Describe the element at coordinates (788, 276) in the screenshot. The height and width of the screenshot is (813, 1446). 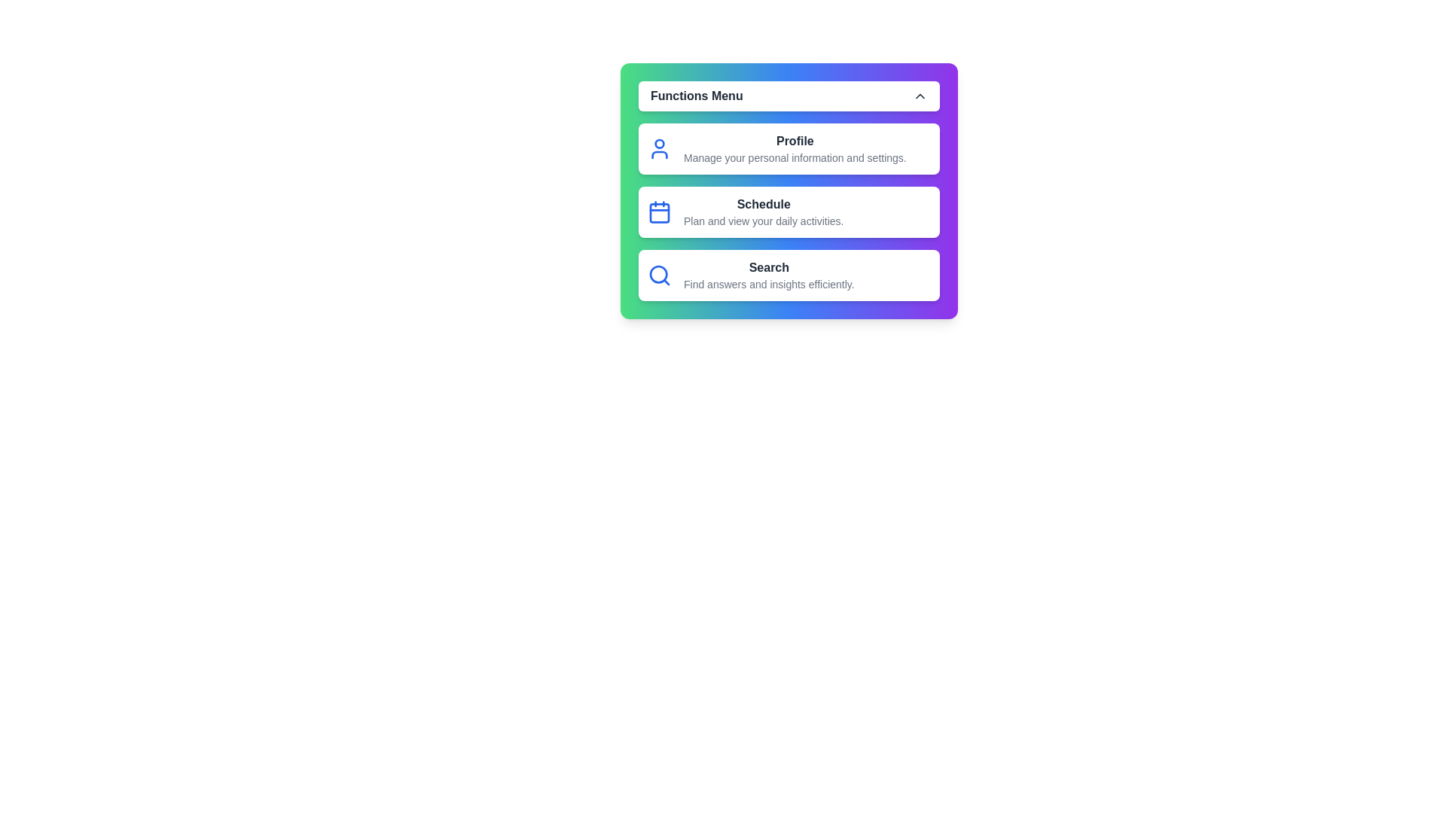
I see `the menu item Search to see its hover effect` at that location.